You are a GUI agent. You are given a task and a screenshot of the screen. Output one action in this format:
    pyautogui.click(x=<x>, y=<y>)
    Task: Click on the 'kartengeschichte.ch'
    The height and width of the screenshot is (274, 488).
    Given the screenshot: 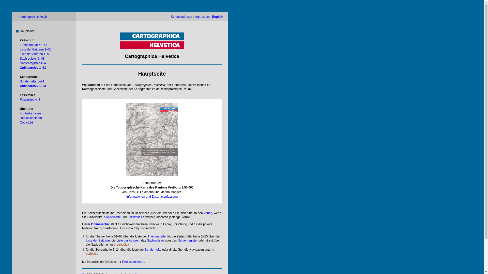 What is the action you would take?
    pyautogui.click(x=20, y=16)
    